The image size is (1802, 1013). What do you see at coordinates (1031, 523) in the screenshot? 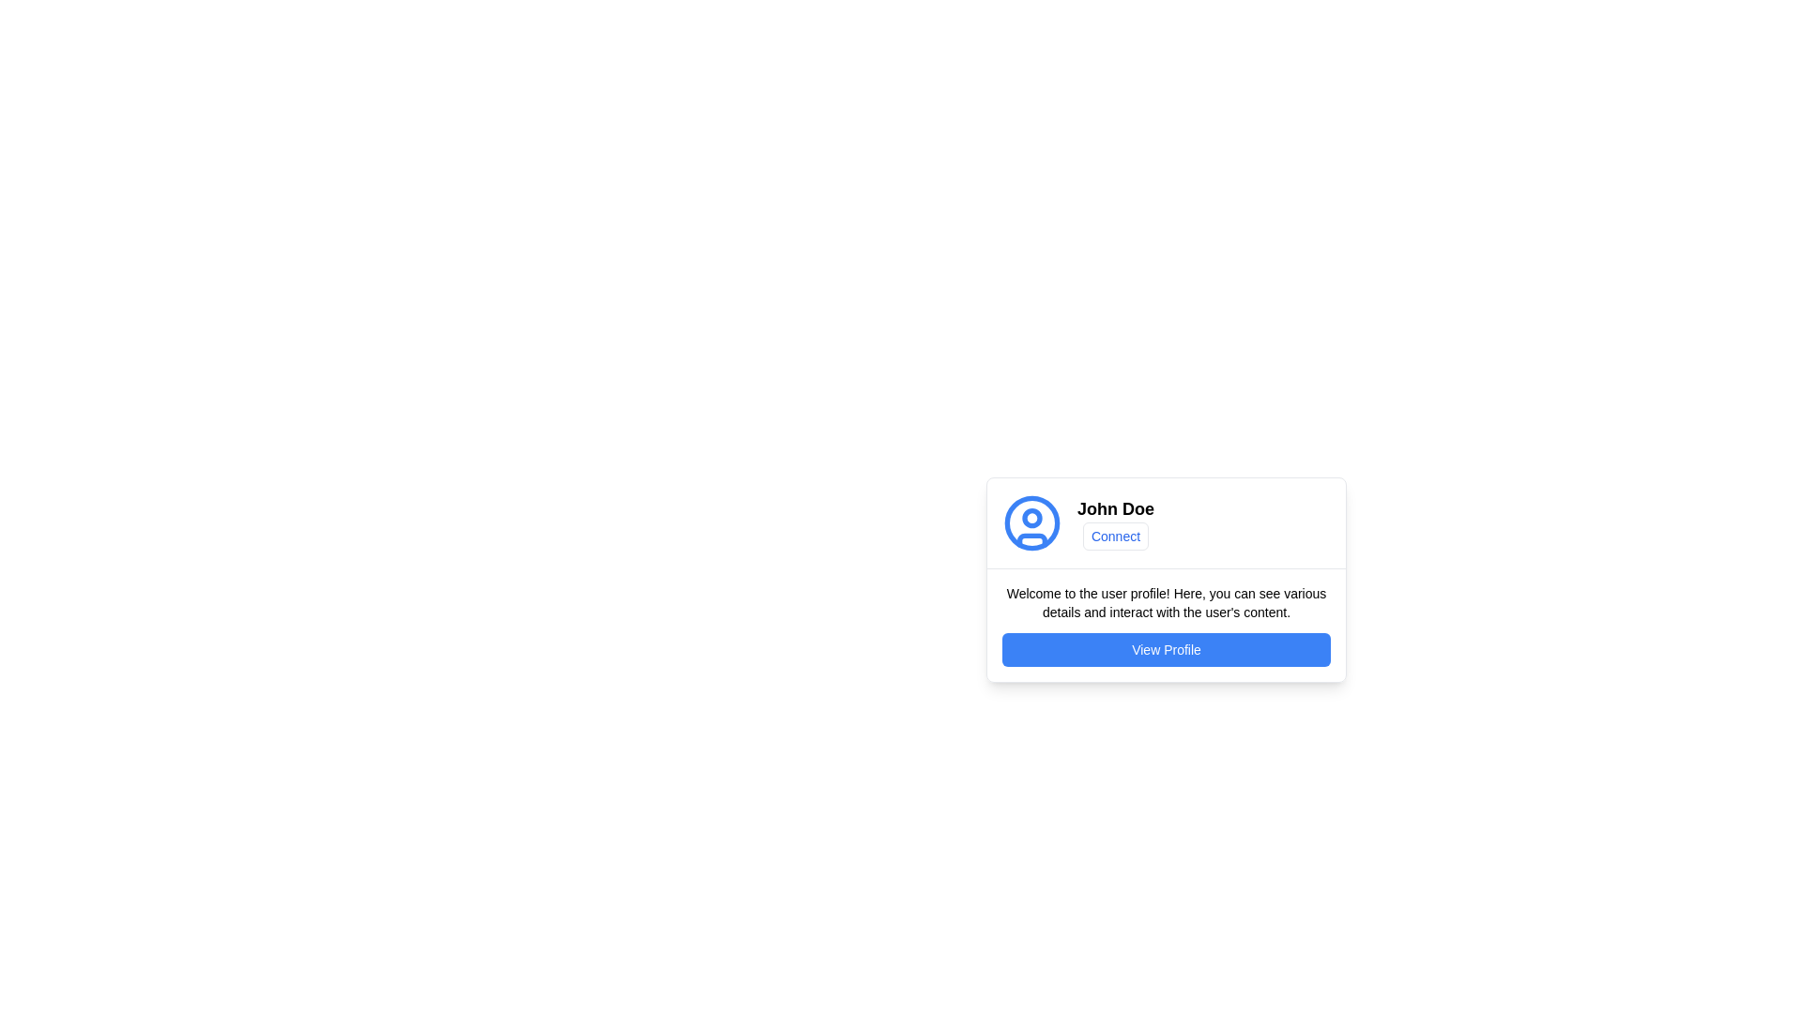
I see `the decorative graphic element of the user avatar icon, which is centrally positioned within the avatar graphic, located to the left of the user name 'John Doe' and above the 'Connect' button in the user profile card` at bounding box center [1031, 523].